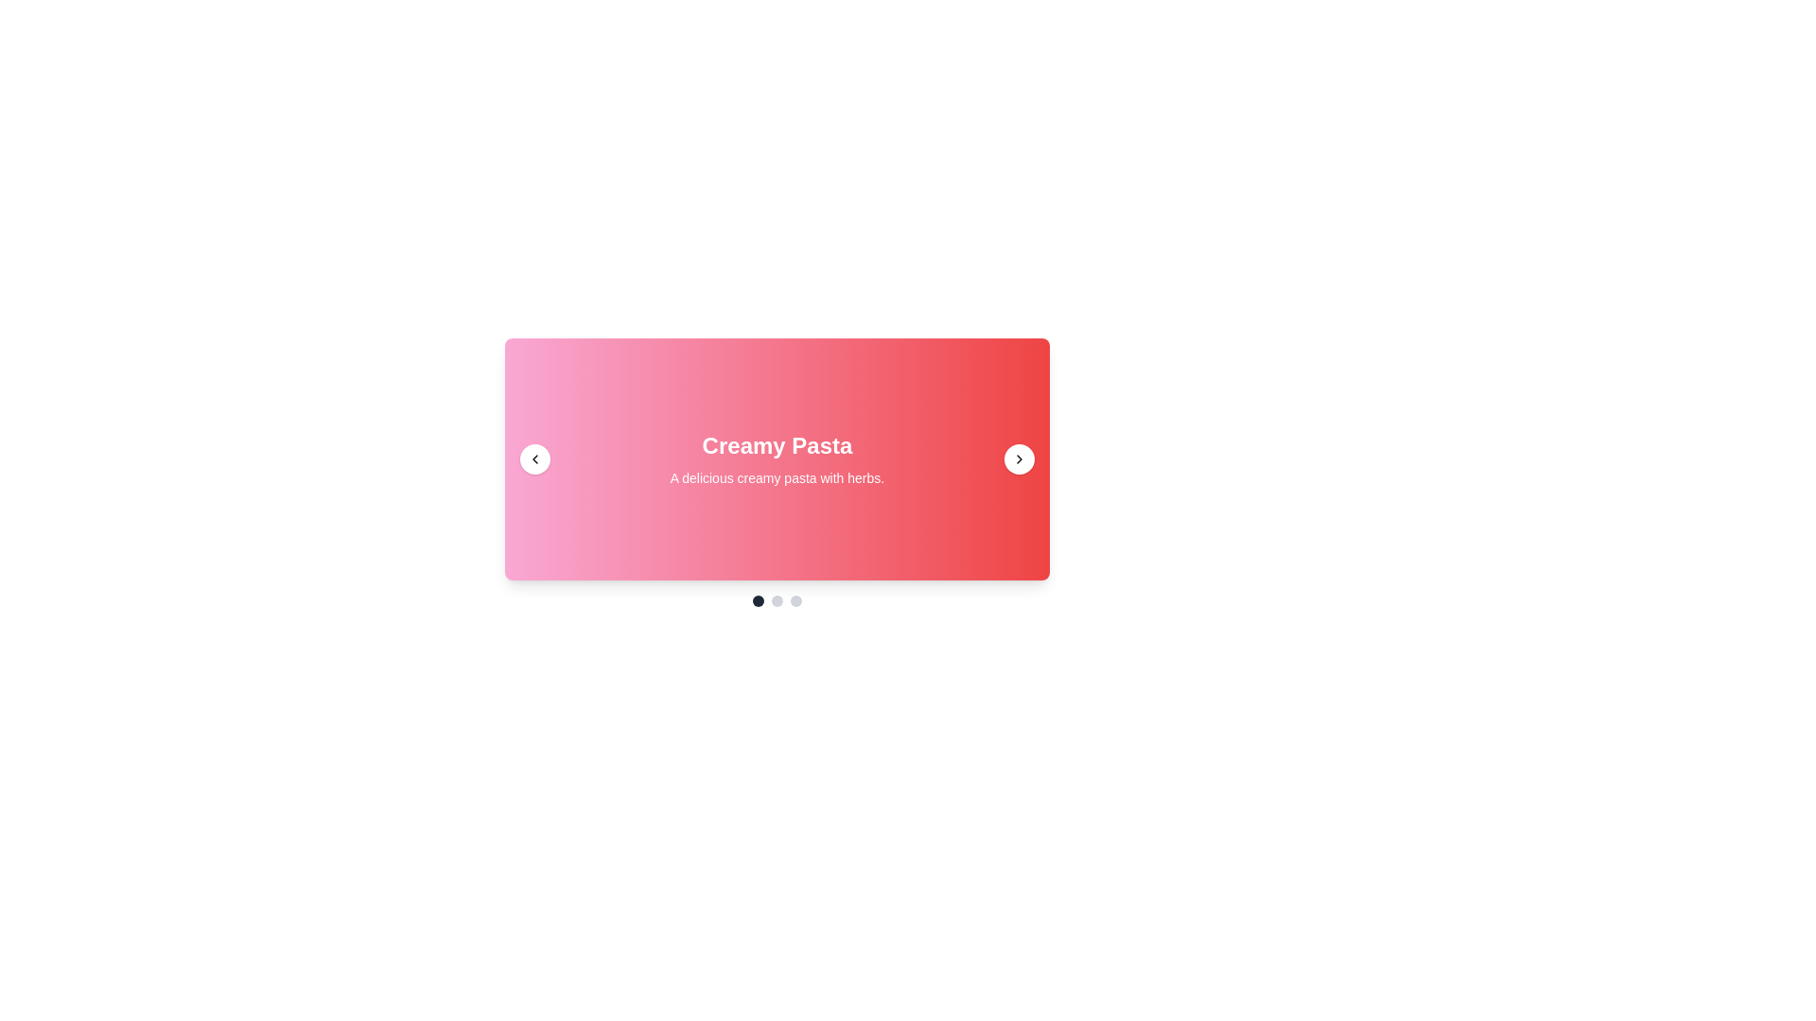 This screenshot has width=1816, height=1021. I want to click on the text block displaying 'Creamy Pasta' with a gradient pink background, so click(777, 459).